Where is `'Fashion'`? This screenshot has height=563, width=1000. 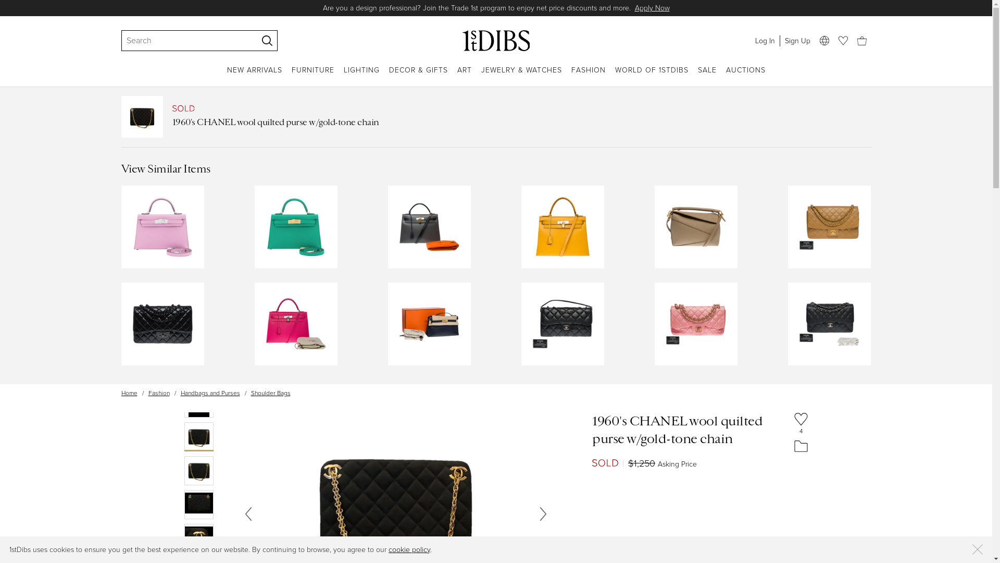
'Fashion' is located at coordinates (158, 393).